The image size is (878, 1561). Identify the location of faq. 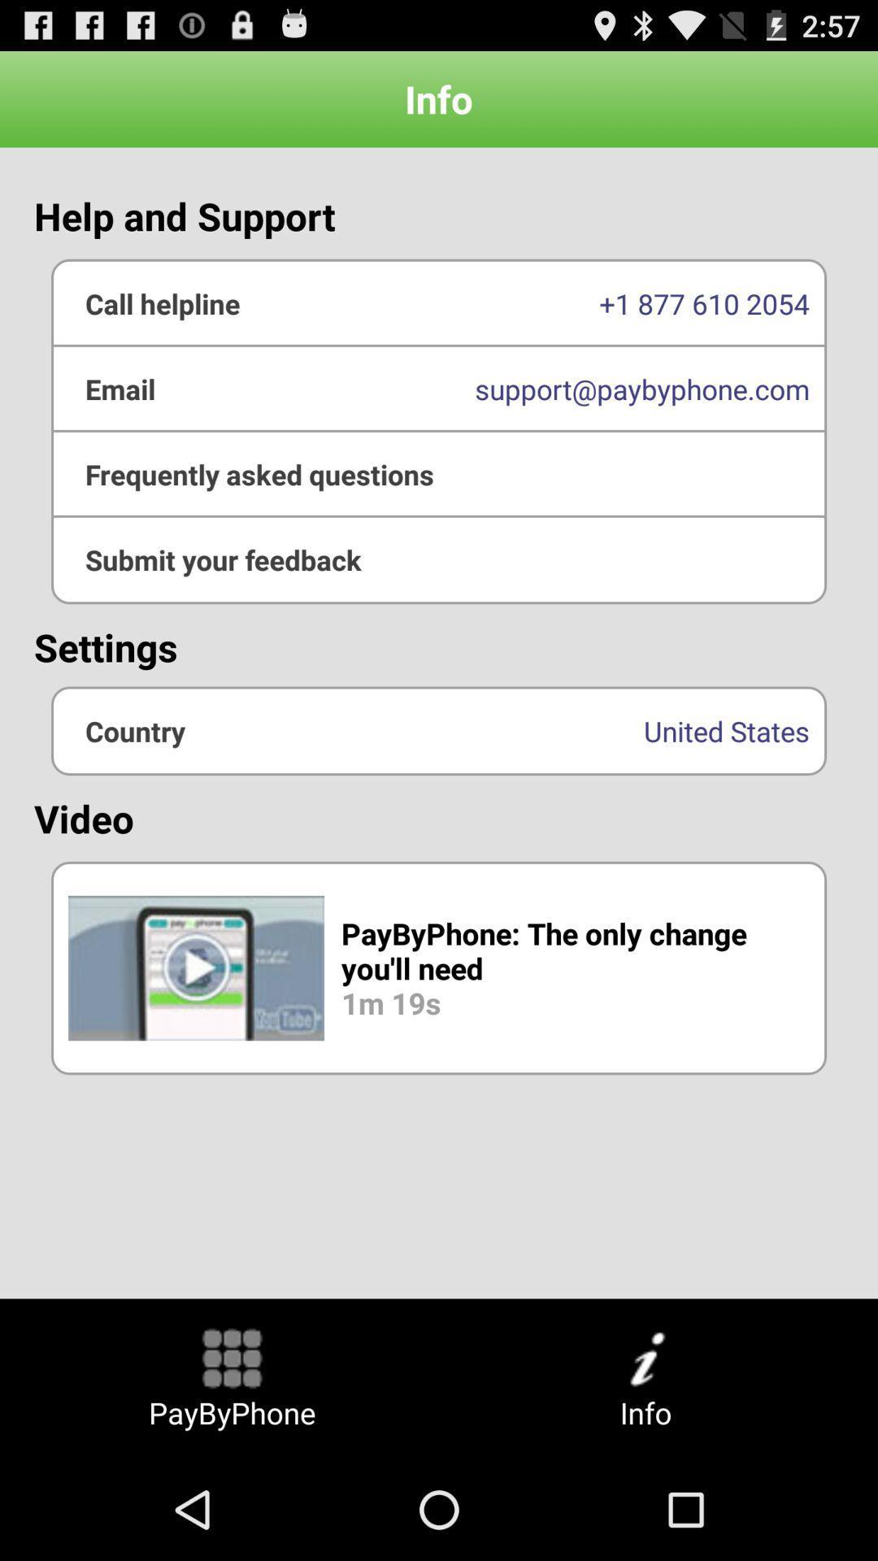
(439, 473).